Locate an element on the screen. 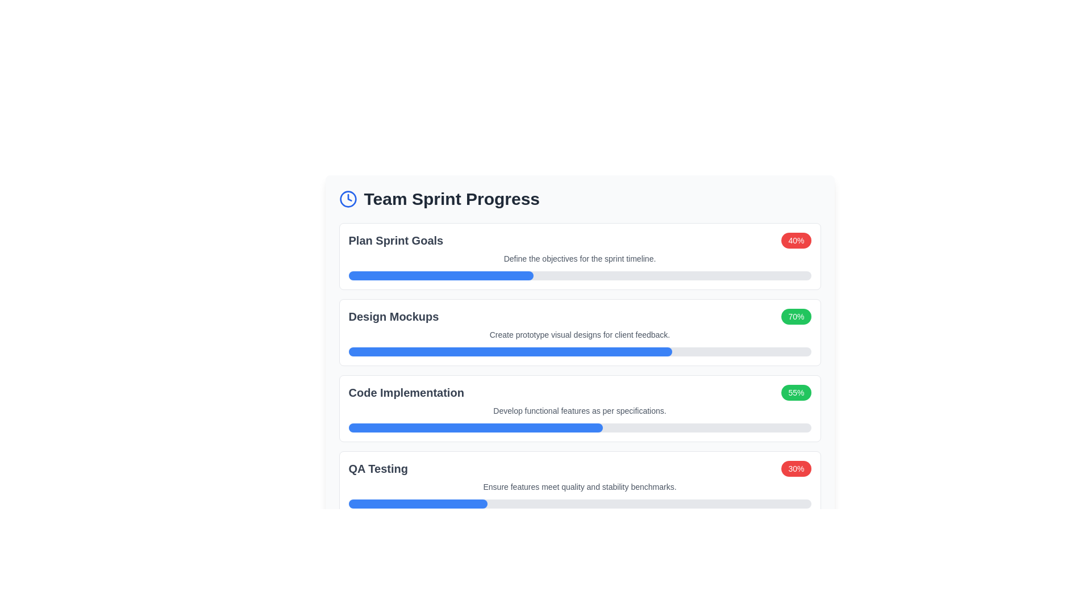 This screenshot has height=613, width=1091. the progress bar in the 'QA Testing' section, which has a gray background and a blue inner bar indicating 30% progress is located at coordinates (580, 503).